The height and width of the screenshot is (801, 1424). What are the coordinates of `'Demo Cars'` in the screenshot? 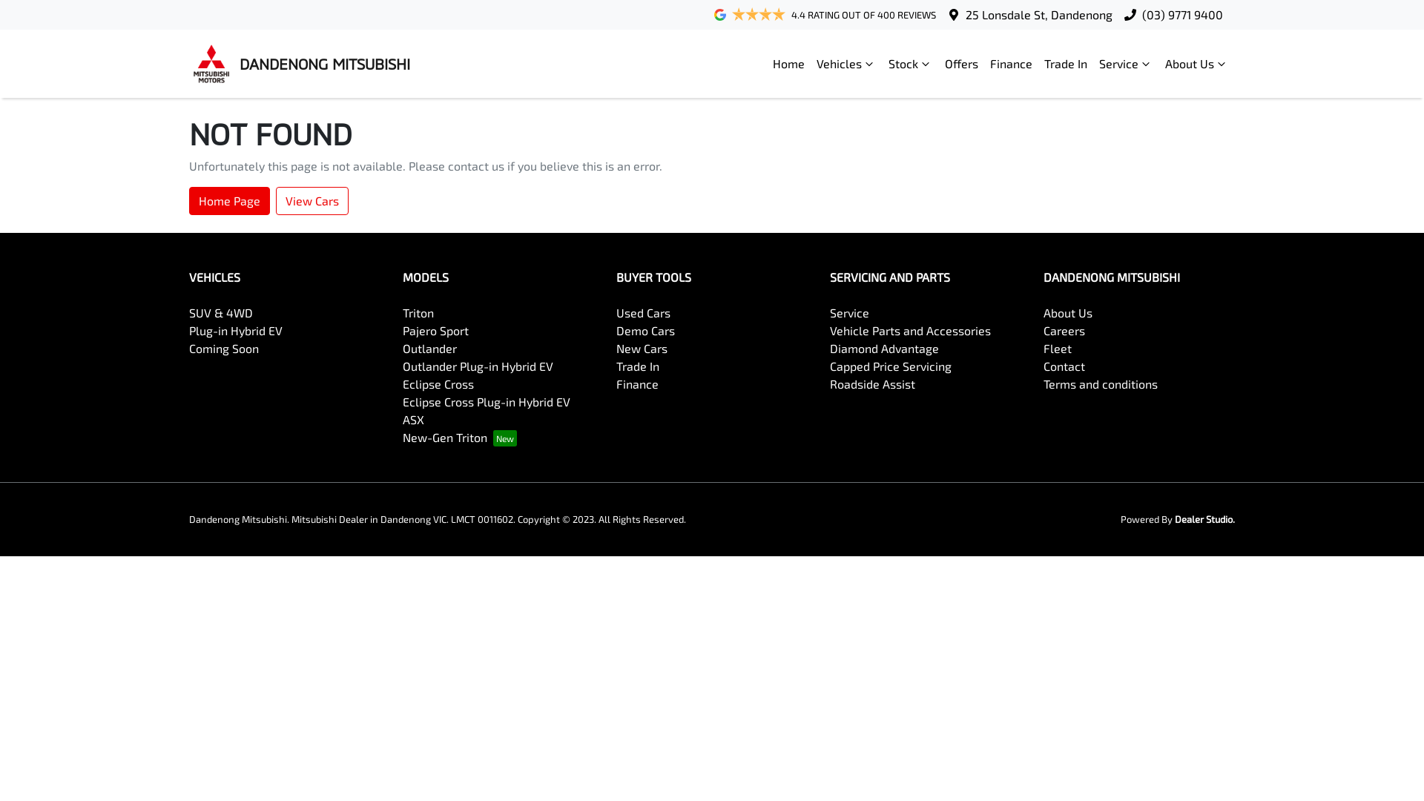 It's located at (616, 329).